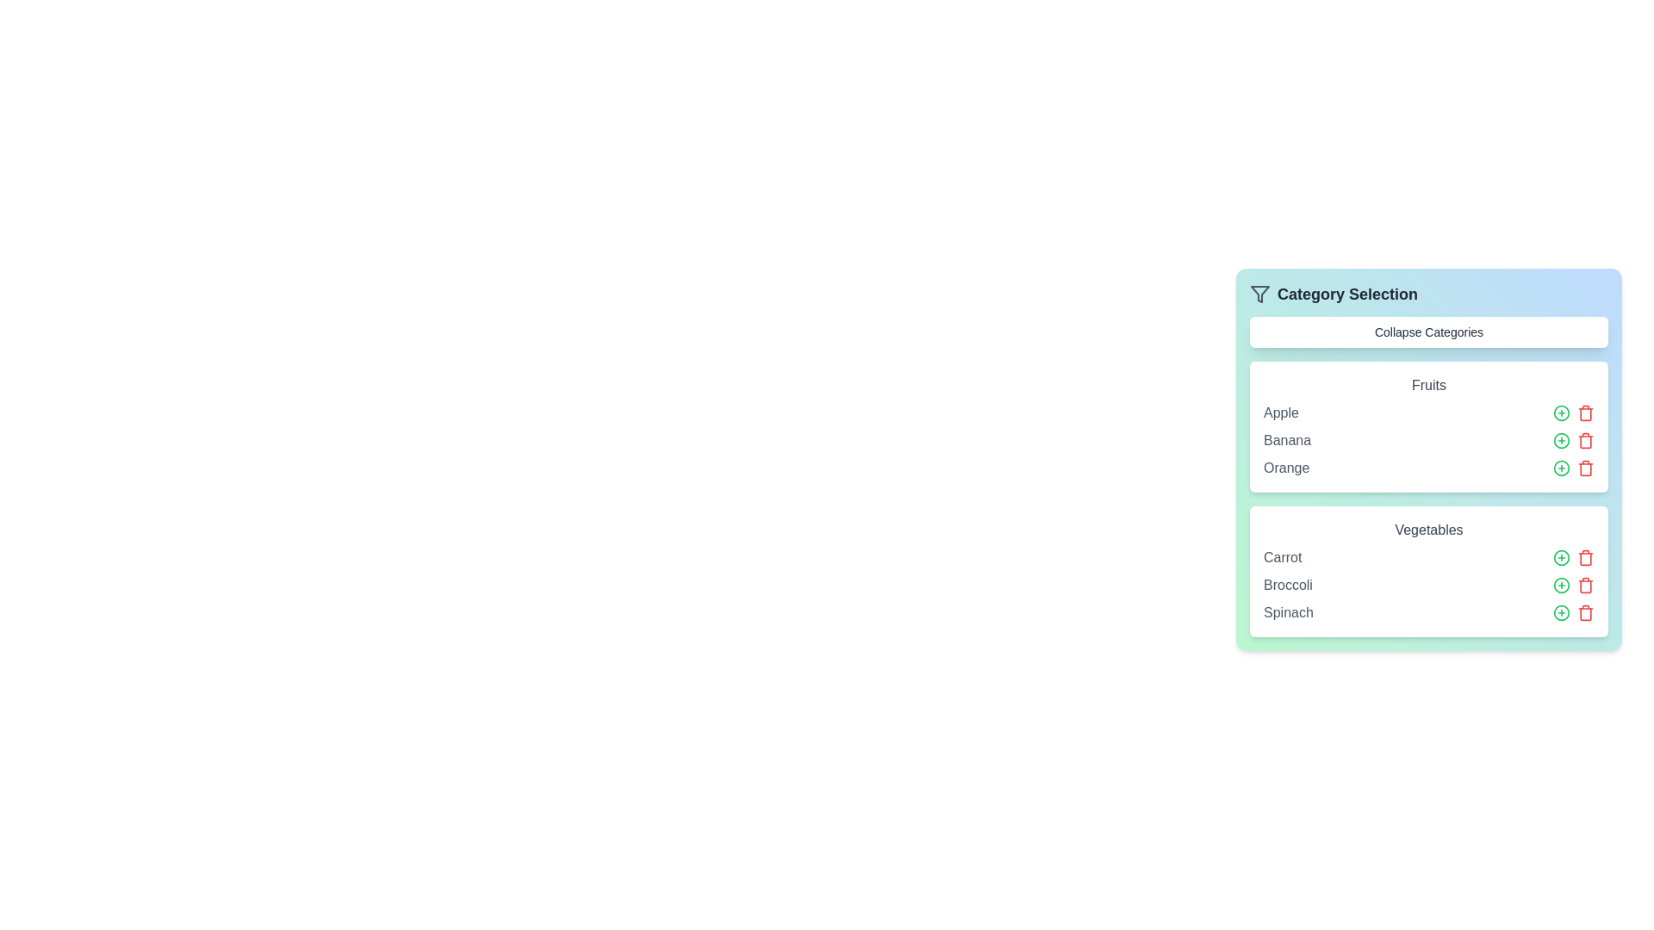  What do you see at coordinates (1585, 440) in the screenshot?
I see `the trash icon next to the item Banana to remove it from the list` at bounding box center [1585, 440].